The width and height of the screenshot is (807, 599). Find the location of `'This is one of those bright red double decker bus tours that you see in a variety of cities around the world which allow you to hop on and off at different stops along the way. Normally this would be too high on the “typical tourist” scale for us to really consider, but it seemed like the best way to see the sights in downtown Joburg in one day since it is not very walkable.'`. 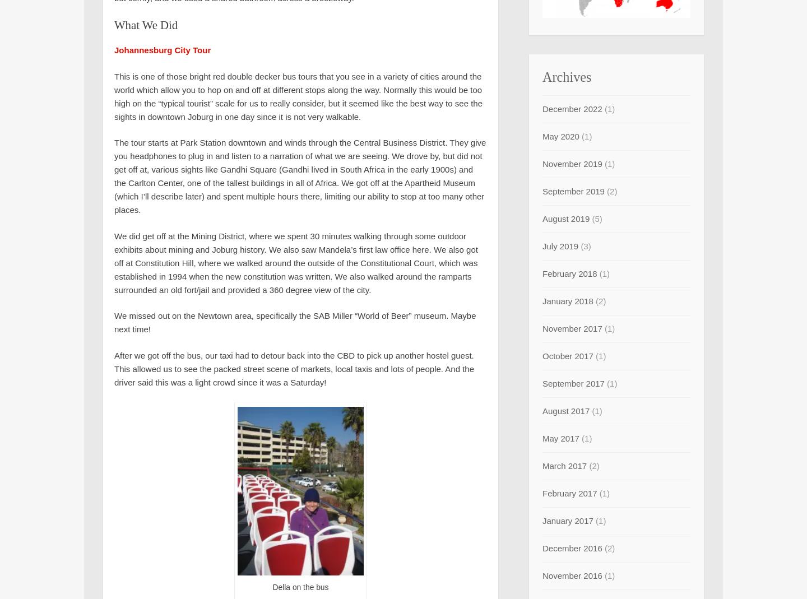

'This is one of those bright red double decker bus tours that you see in a variety of cities around the world which allow you to hop on and off at different stops along the way. Normally this would be too high on the “typical tourist” scale for us to really consider, but it seemed like the best way to see the sights in downtown Joburg in one day since it is not very walkable.' is located at coordinates (298, 96).